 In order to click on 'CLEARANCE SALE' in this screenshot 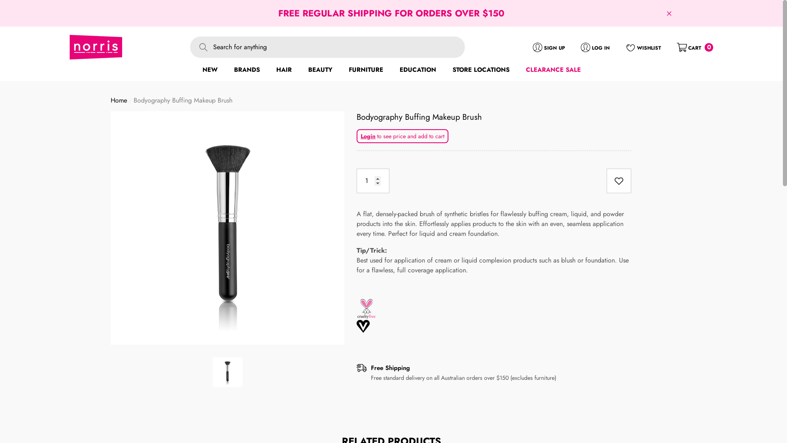, I will do `click(553, 70)`.